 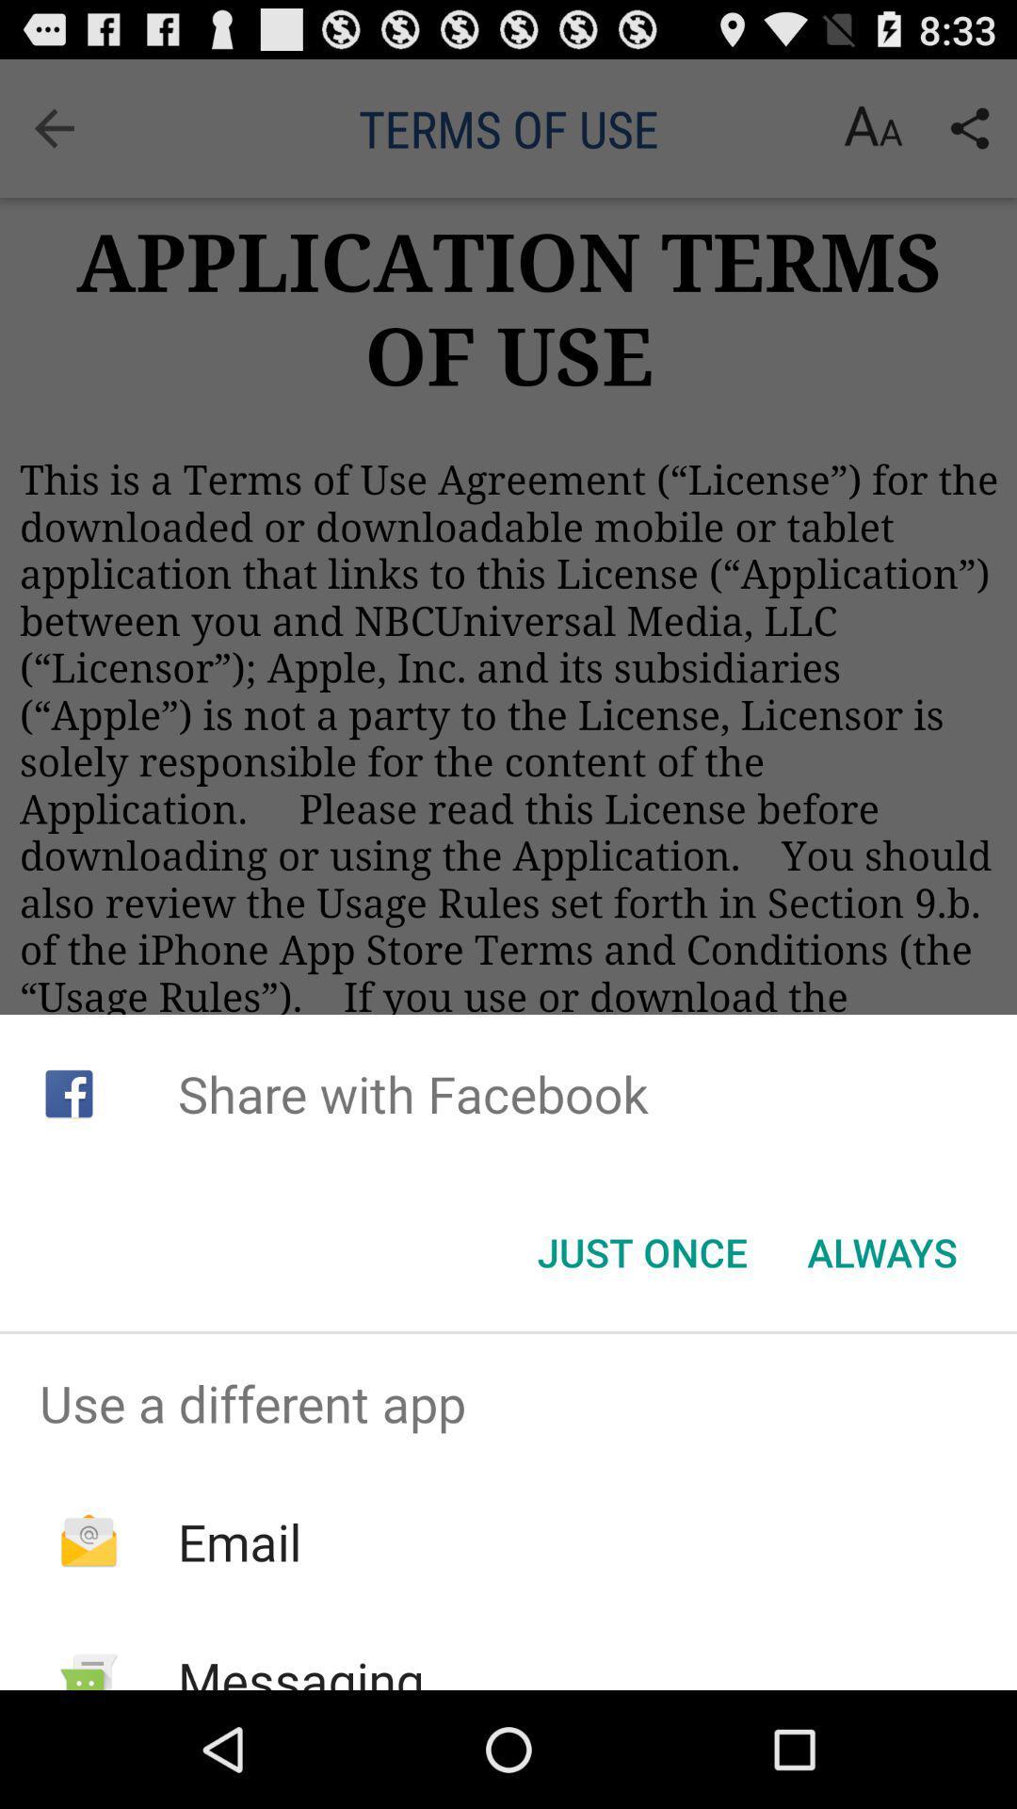 I want to click on the item above messaging, so click(x=238, y=1541).